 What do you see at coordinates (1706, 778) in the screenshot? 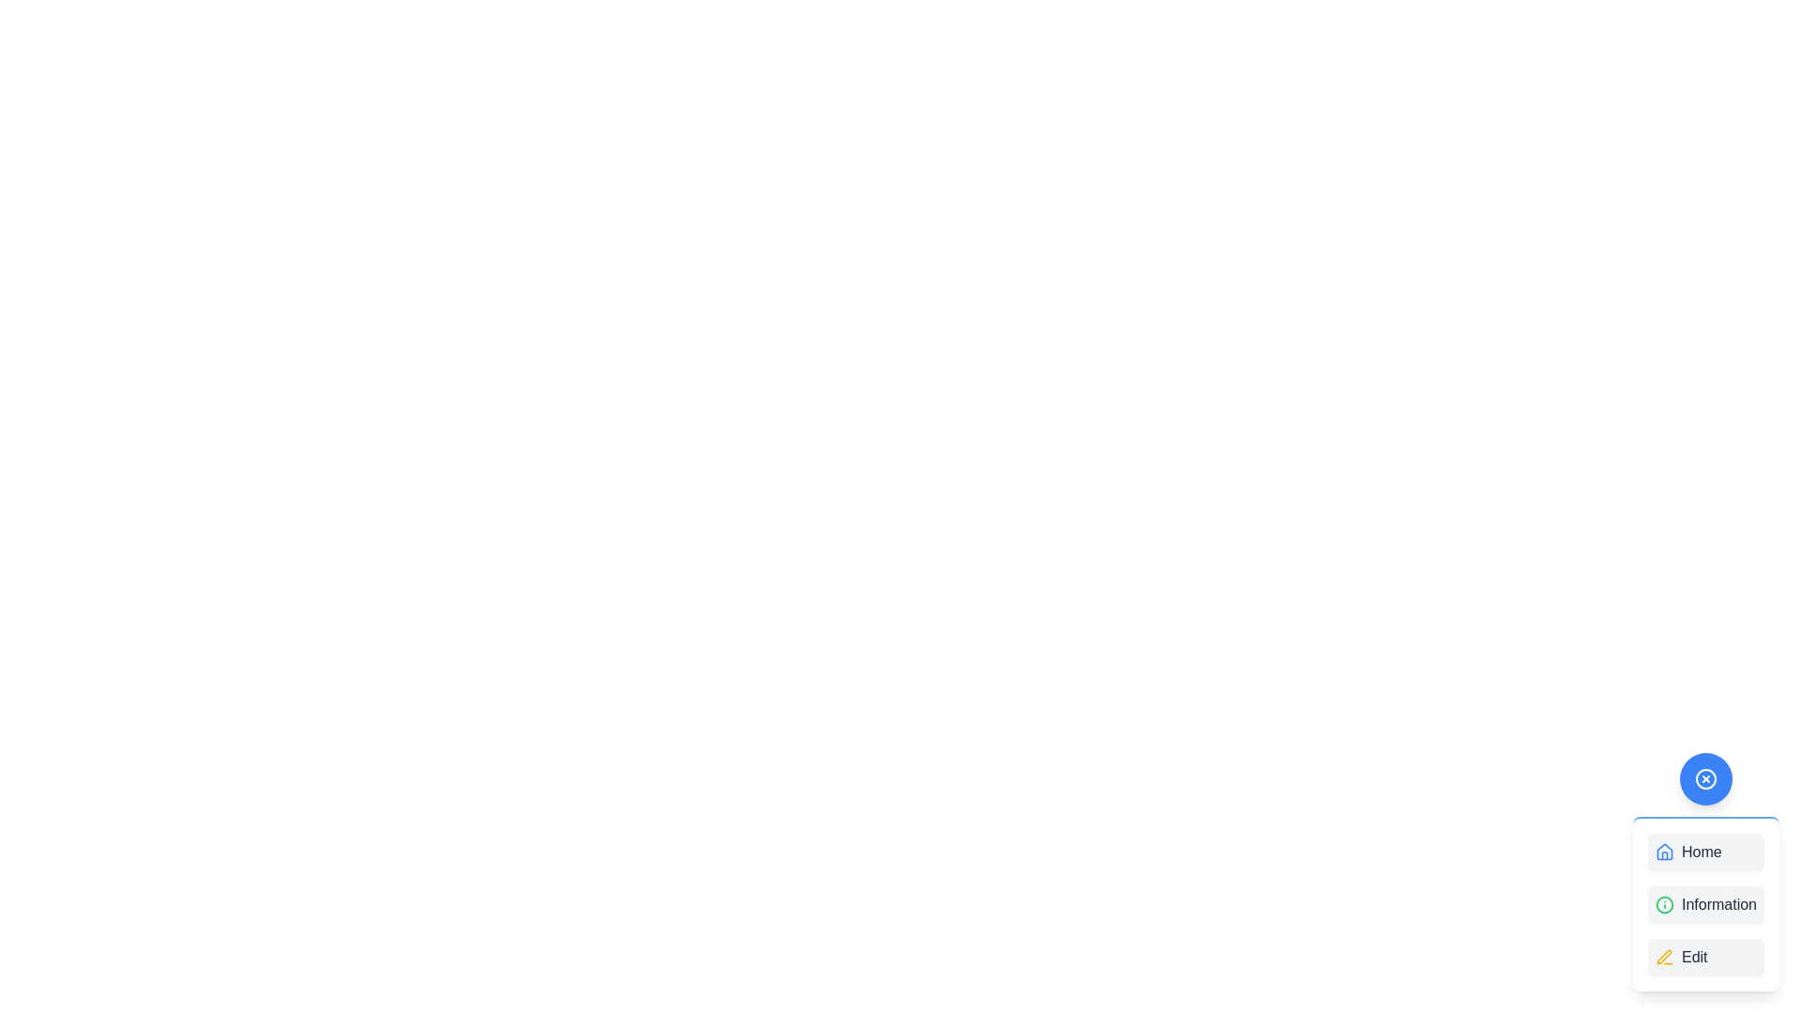
I see `the dismiss button located in the lower-right corner of the interface` at bounding box center [1706, 778].